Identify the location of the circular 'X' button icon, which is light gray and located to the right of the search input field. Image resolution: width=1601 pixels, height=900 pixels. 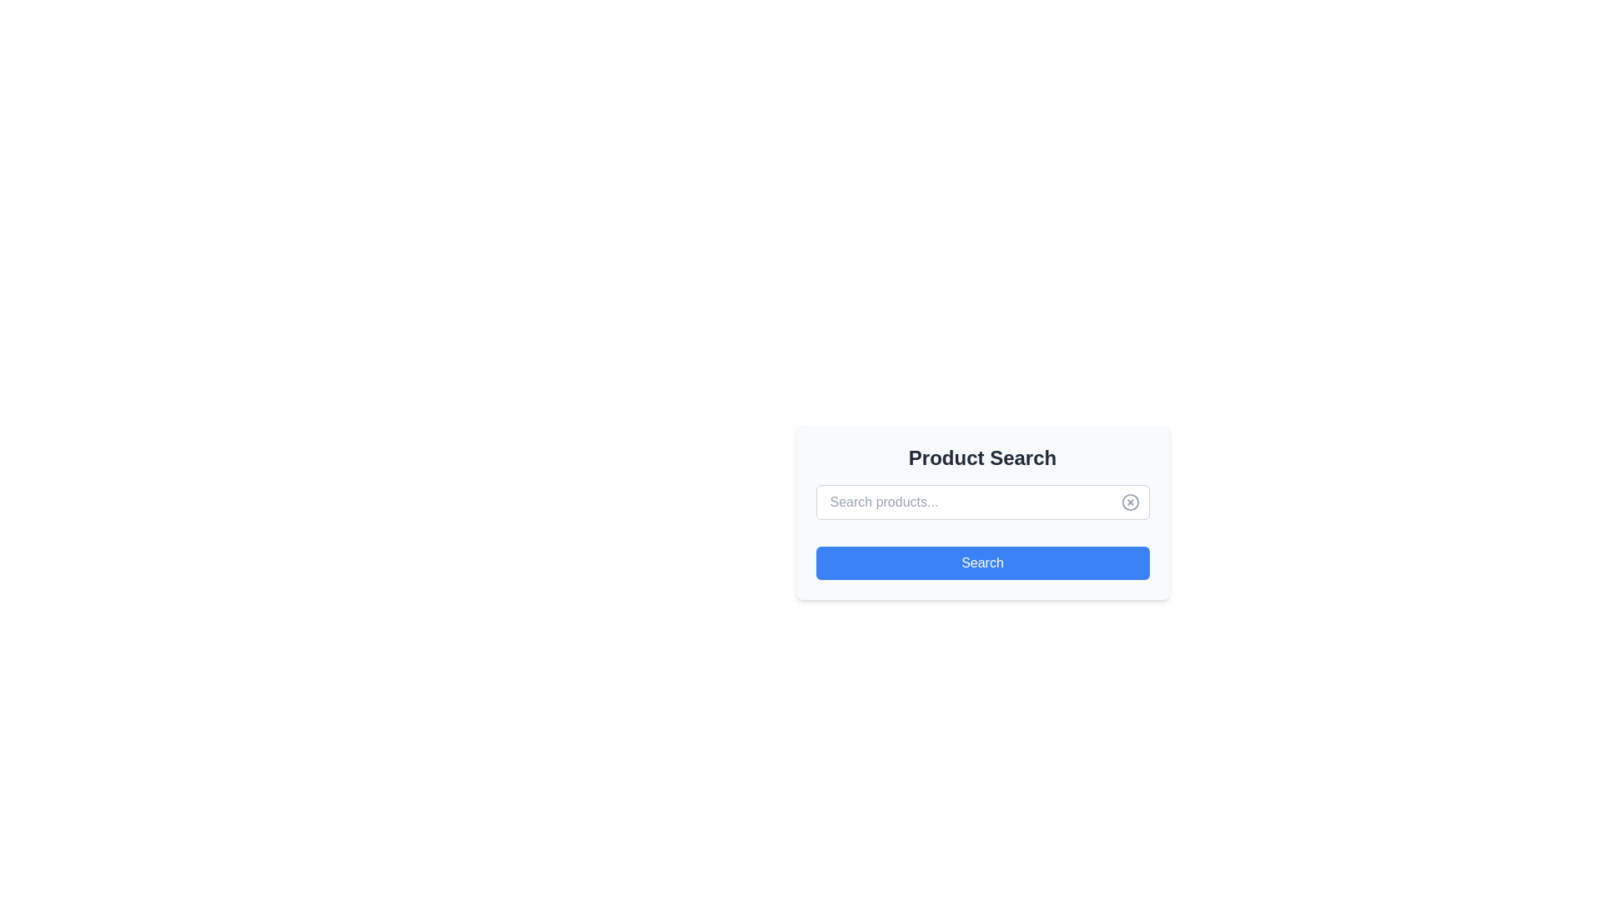
(1130, 501).